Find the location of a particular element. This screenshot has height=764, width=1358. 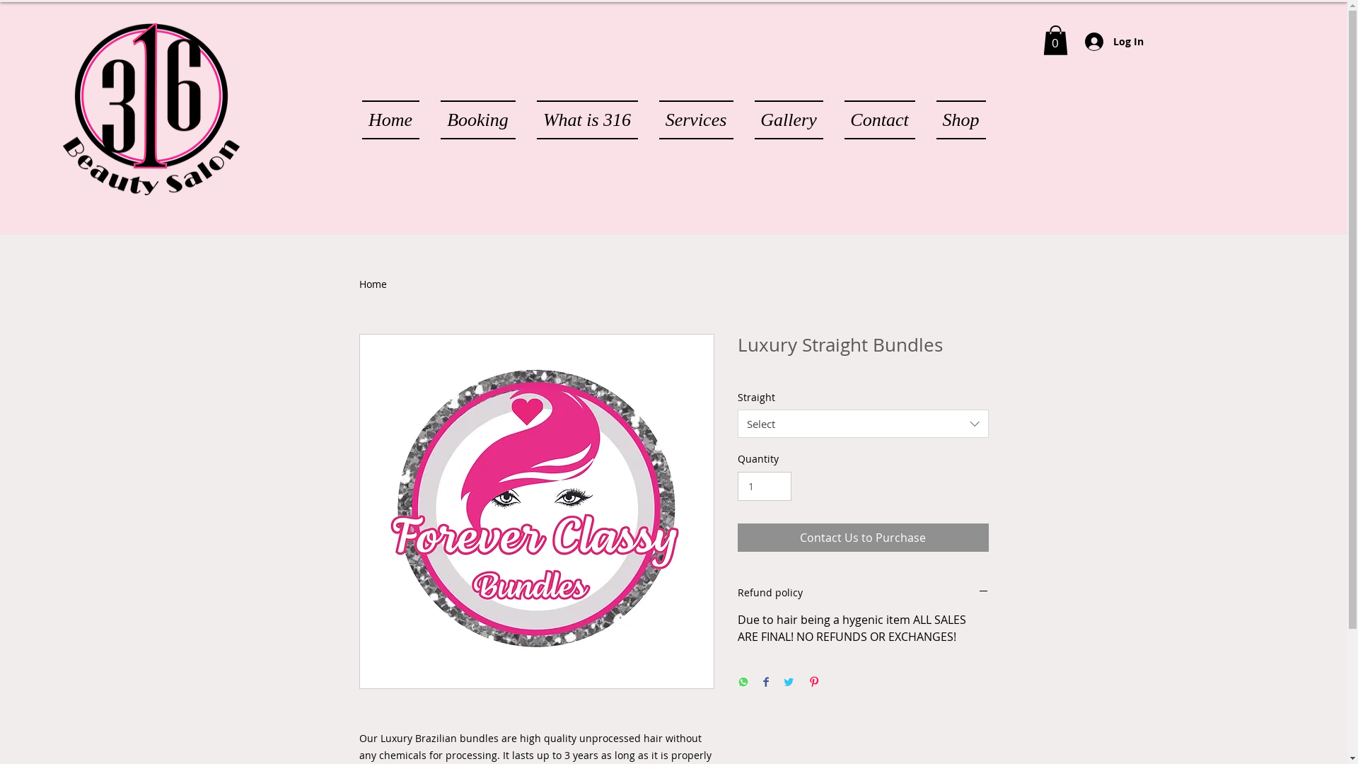

'What is 316' is located at coordinates (587, 119).